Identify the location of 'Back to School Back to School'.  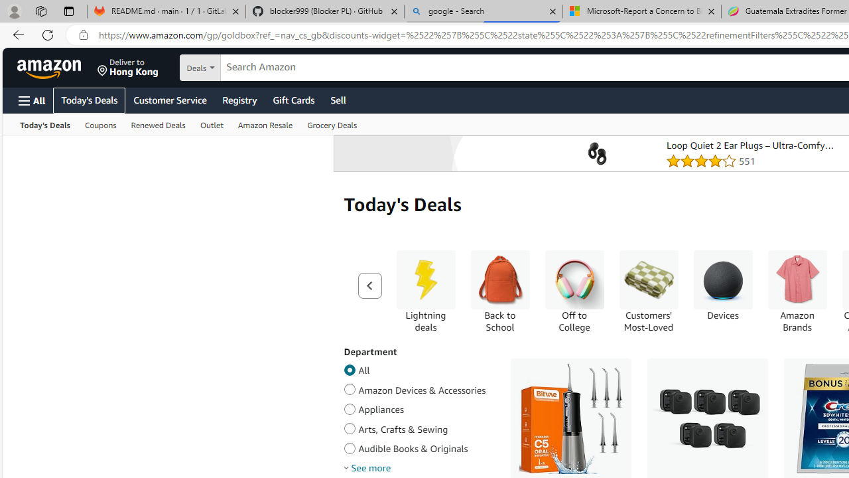
(499, 291).